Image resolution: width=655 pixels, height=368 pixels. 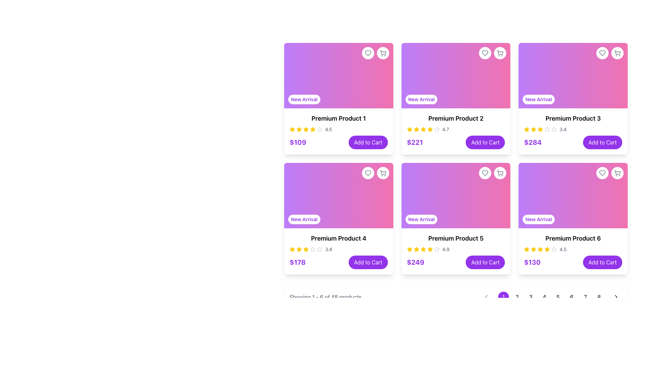 What do you see at coordinates (292, 129) in the screenshot?
I see `the first yellow star icon in the rating group for 'Premium Product 1' located in the top-left card among a grid of cards` at bounding box center [292, 129].